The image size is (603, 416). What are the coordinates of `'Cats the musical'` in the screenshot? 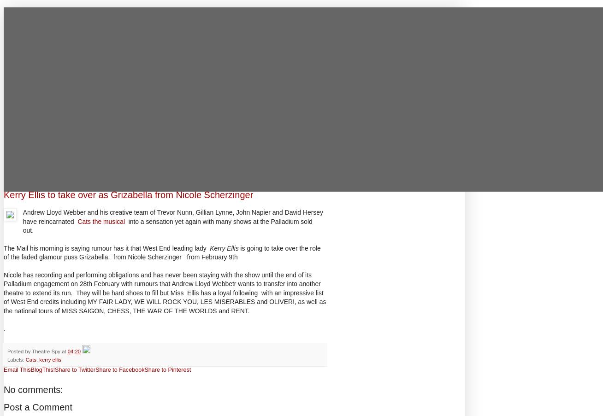 It's located at (103, 221).